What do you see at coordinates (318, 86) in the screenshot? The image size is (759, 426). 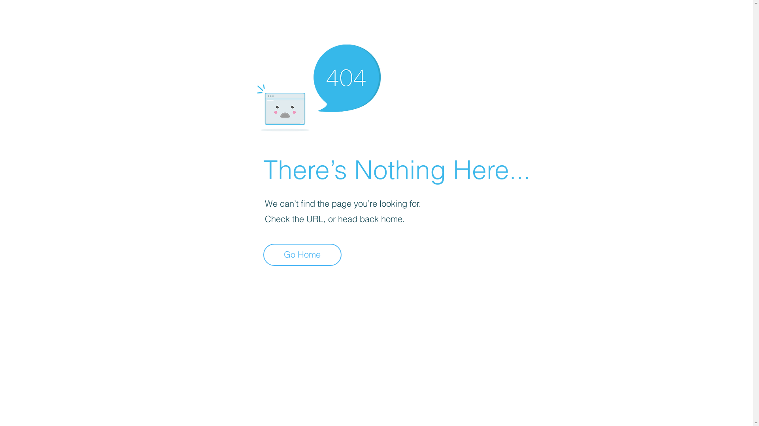 I see `'404-icon_2.png'` at bounding box center [318, 86].